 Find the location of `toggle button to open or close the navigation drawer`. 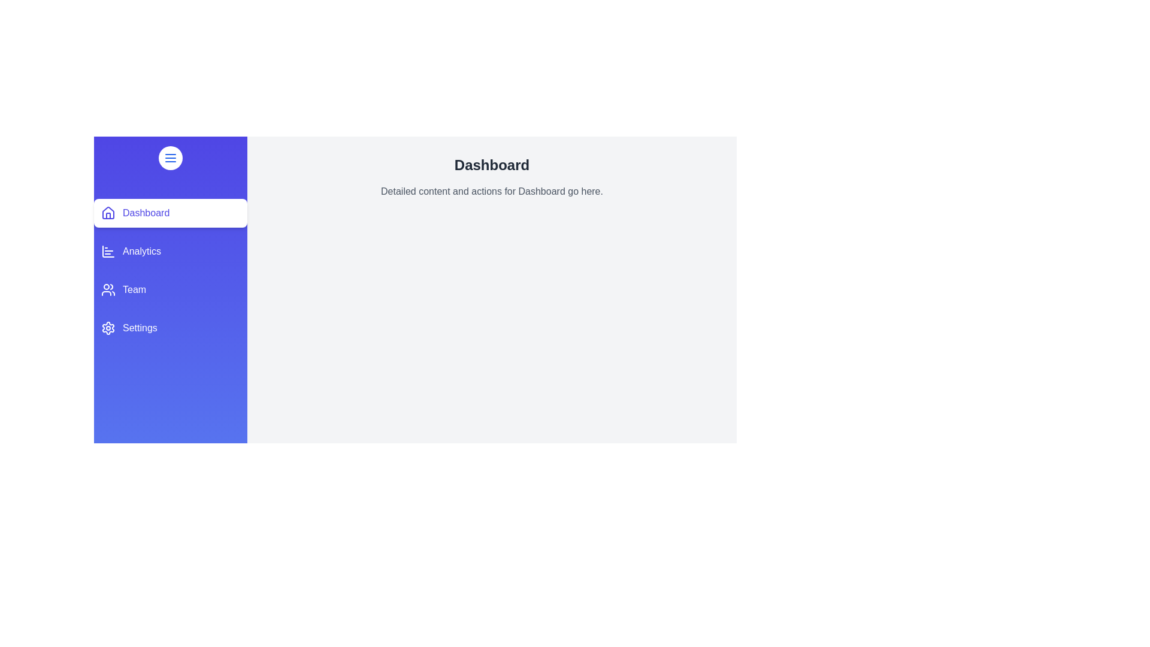

toggle button to open or close the navigation drawer is located at coordinates (170, 157).